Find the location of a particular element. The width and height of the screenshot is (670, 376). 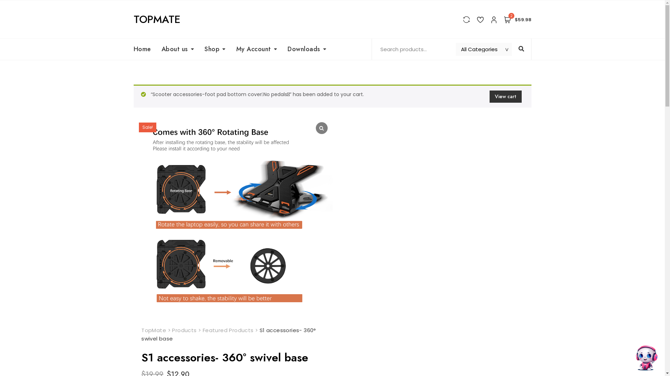

'2 is located at coordinates (518, 18).